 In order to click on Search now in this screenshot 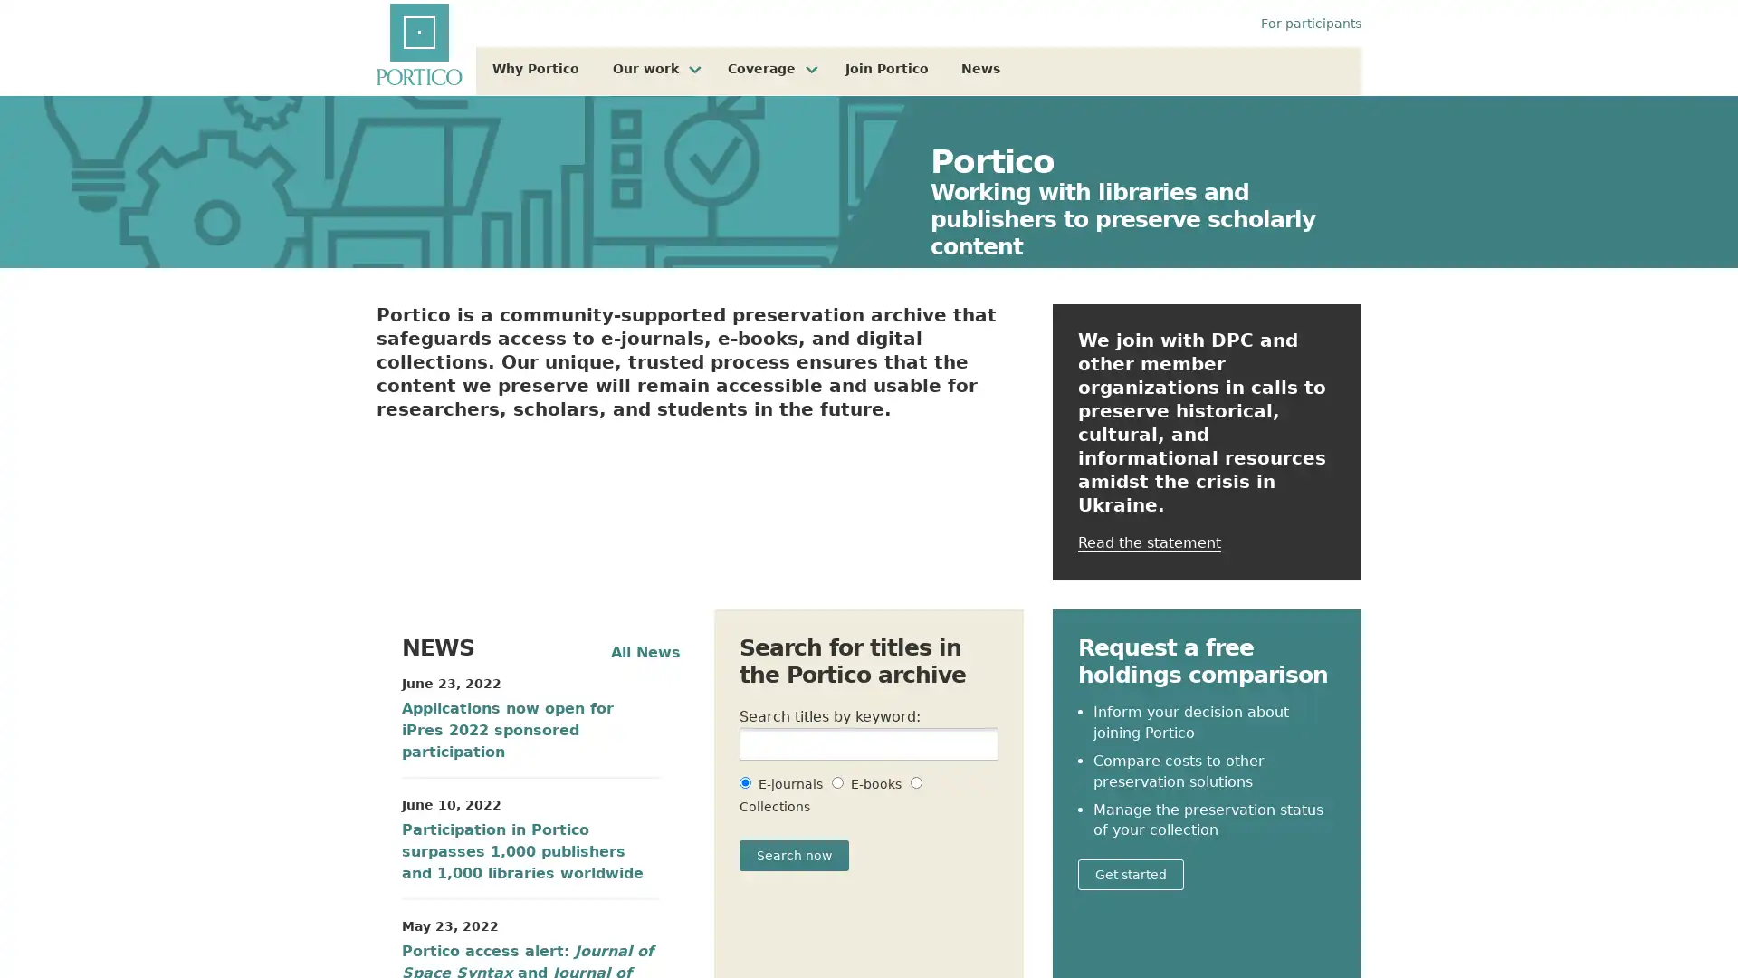, I will do `click(794, 856)`.